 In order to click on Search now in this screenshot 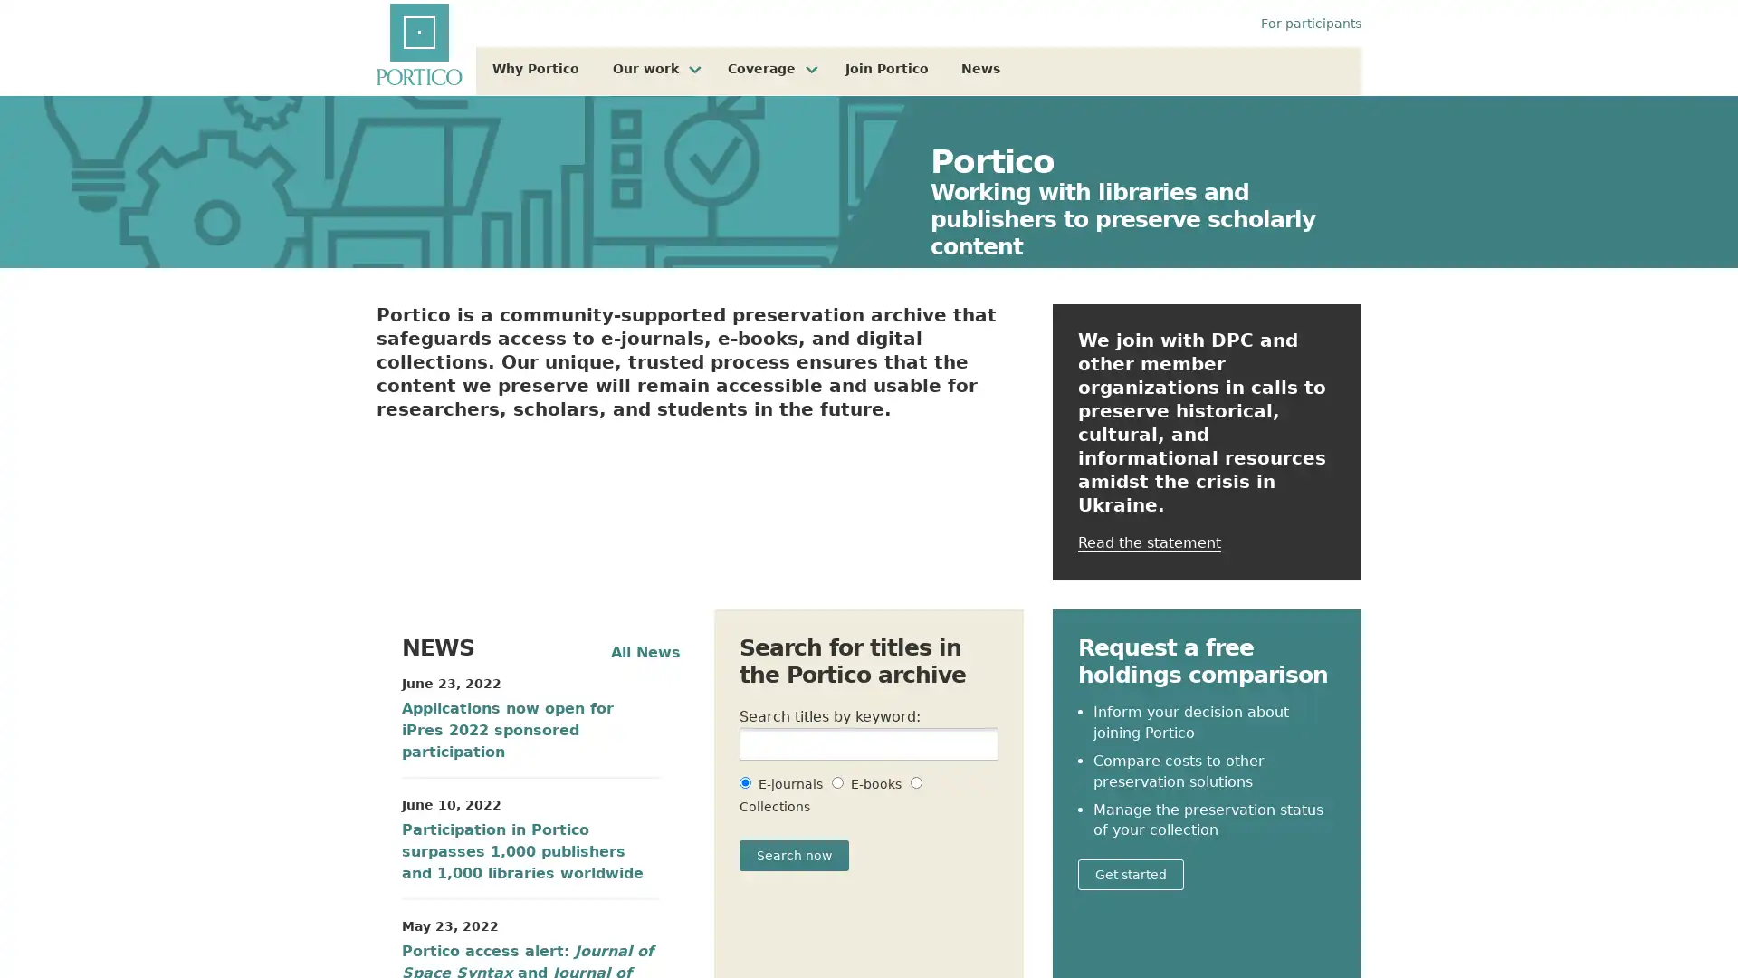, I will do `click(794, 856)`.